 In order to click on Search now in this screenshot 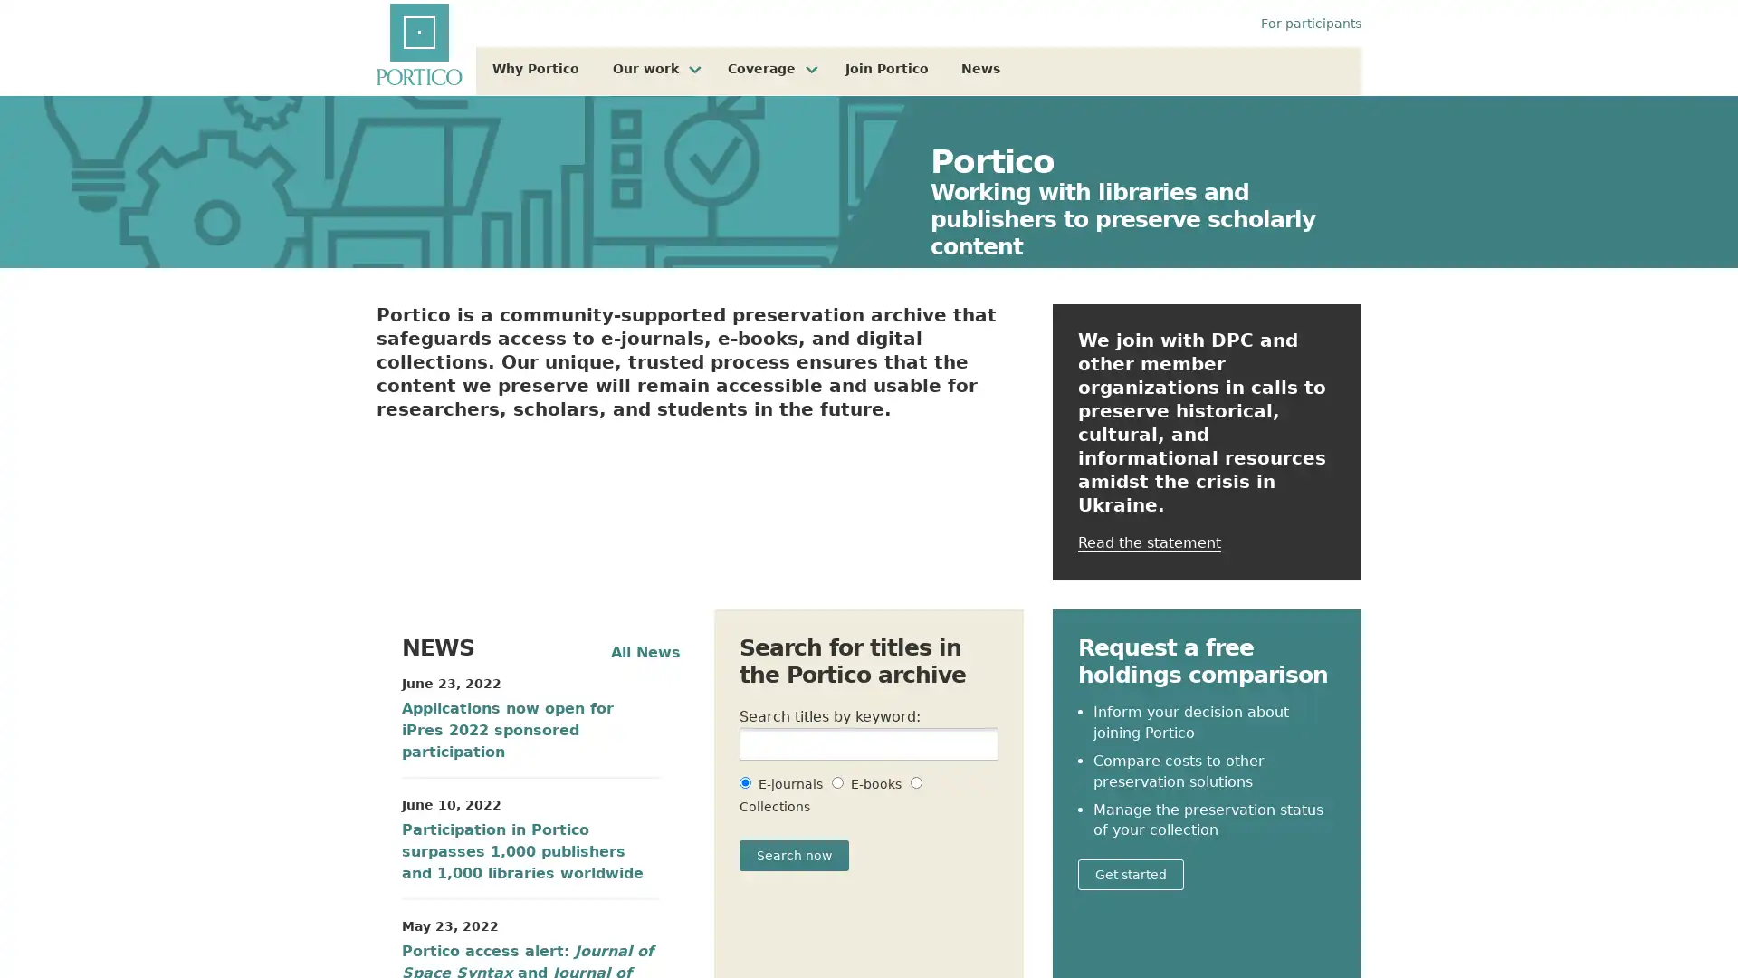, I will do `click(794, 856)`.